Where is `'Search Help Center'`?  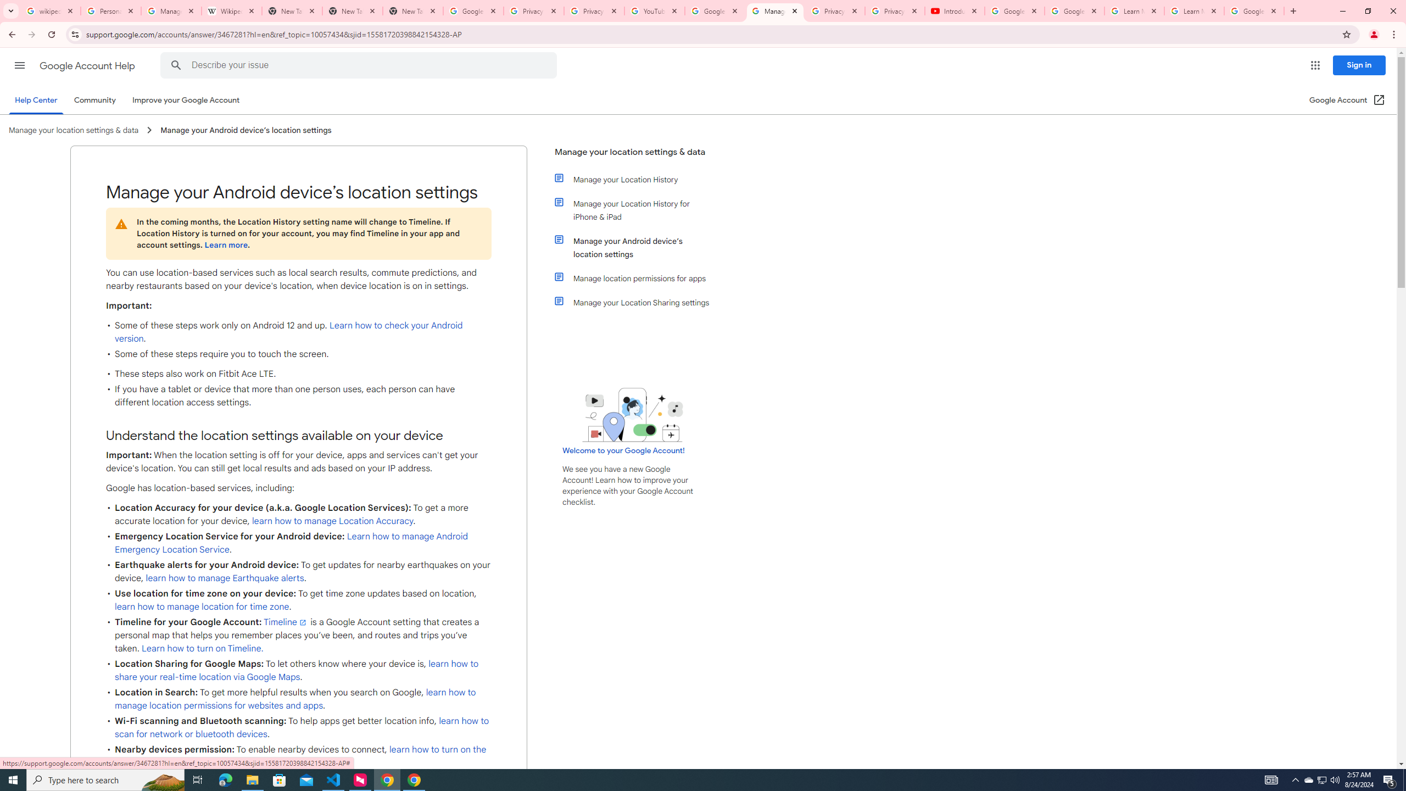 'Search Help Center' is located at coordinates (175, 65).